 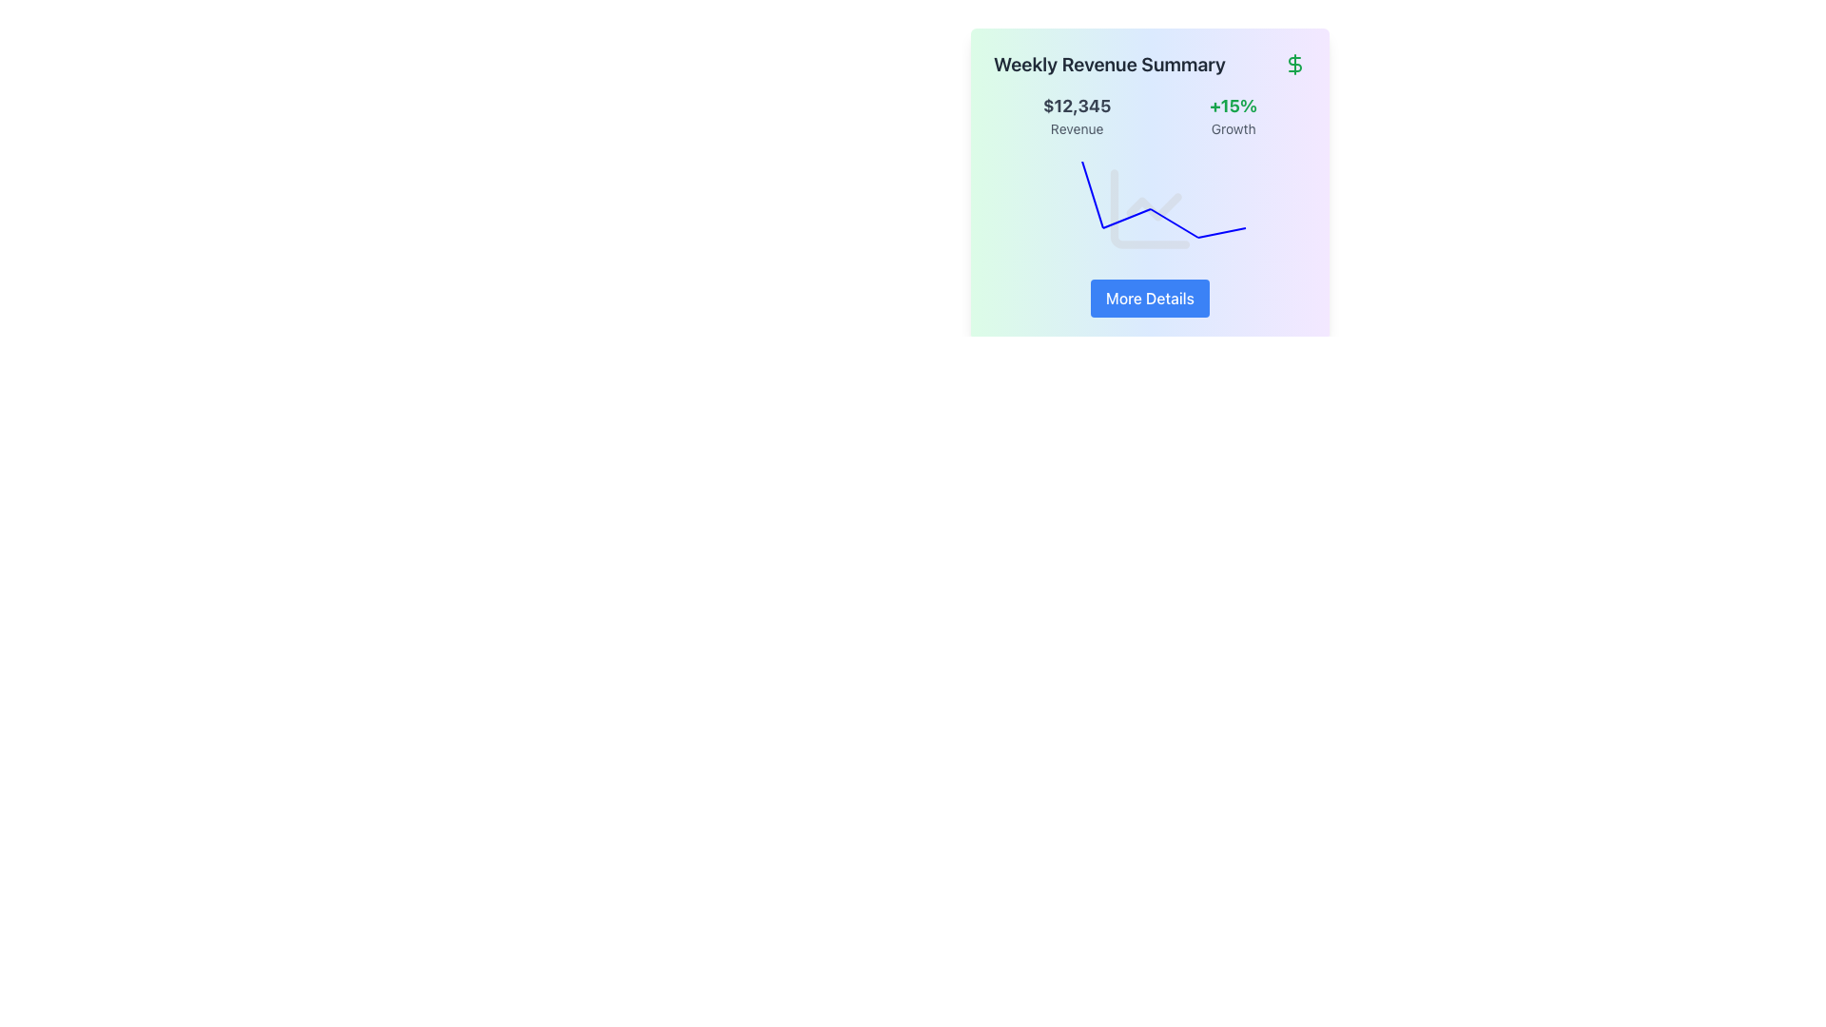 I want to click on the informational text label indicating growth, located beneath the '+15%' percentage text and to the right of the primary revenue display in the top-right corner of the card layout, so click(x=1234, y=128).